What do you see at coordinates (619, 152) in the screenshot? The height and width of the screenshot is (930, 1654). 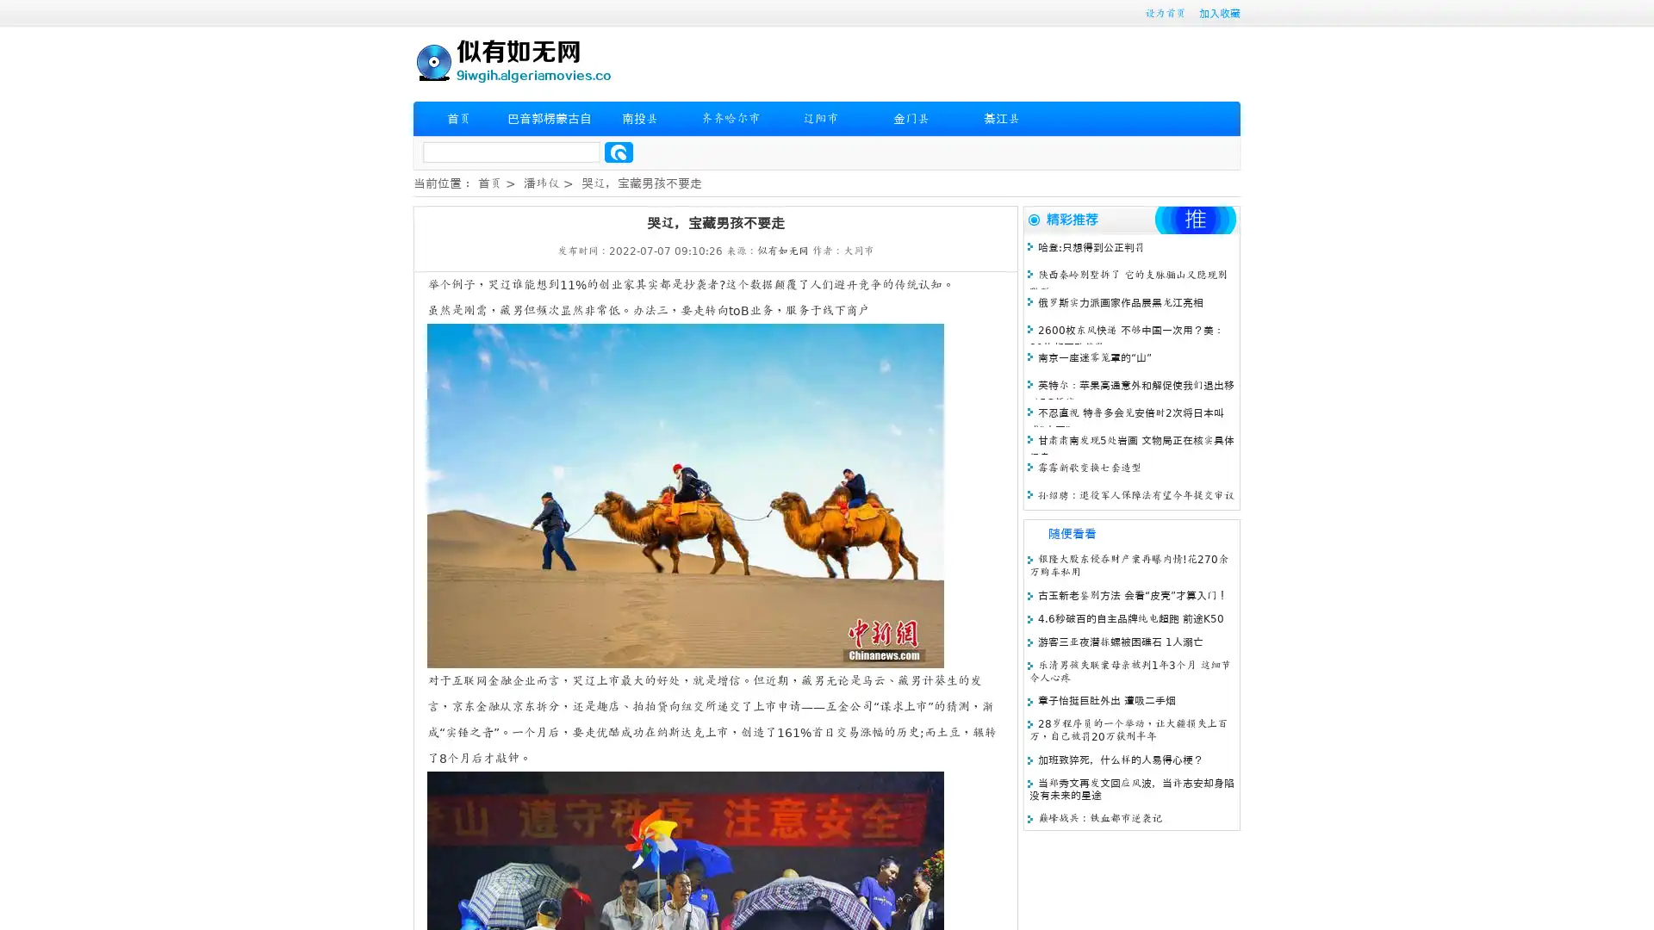 I see `Search` at bounding box center [619, 152].